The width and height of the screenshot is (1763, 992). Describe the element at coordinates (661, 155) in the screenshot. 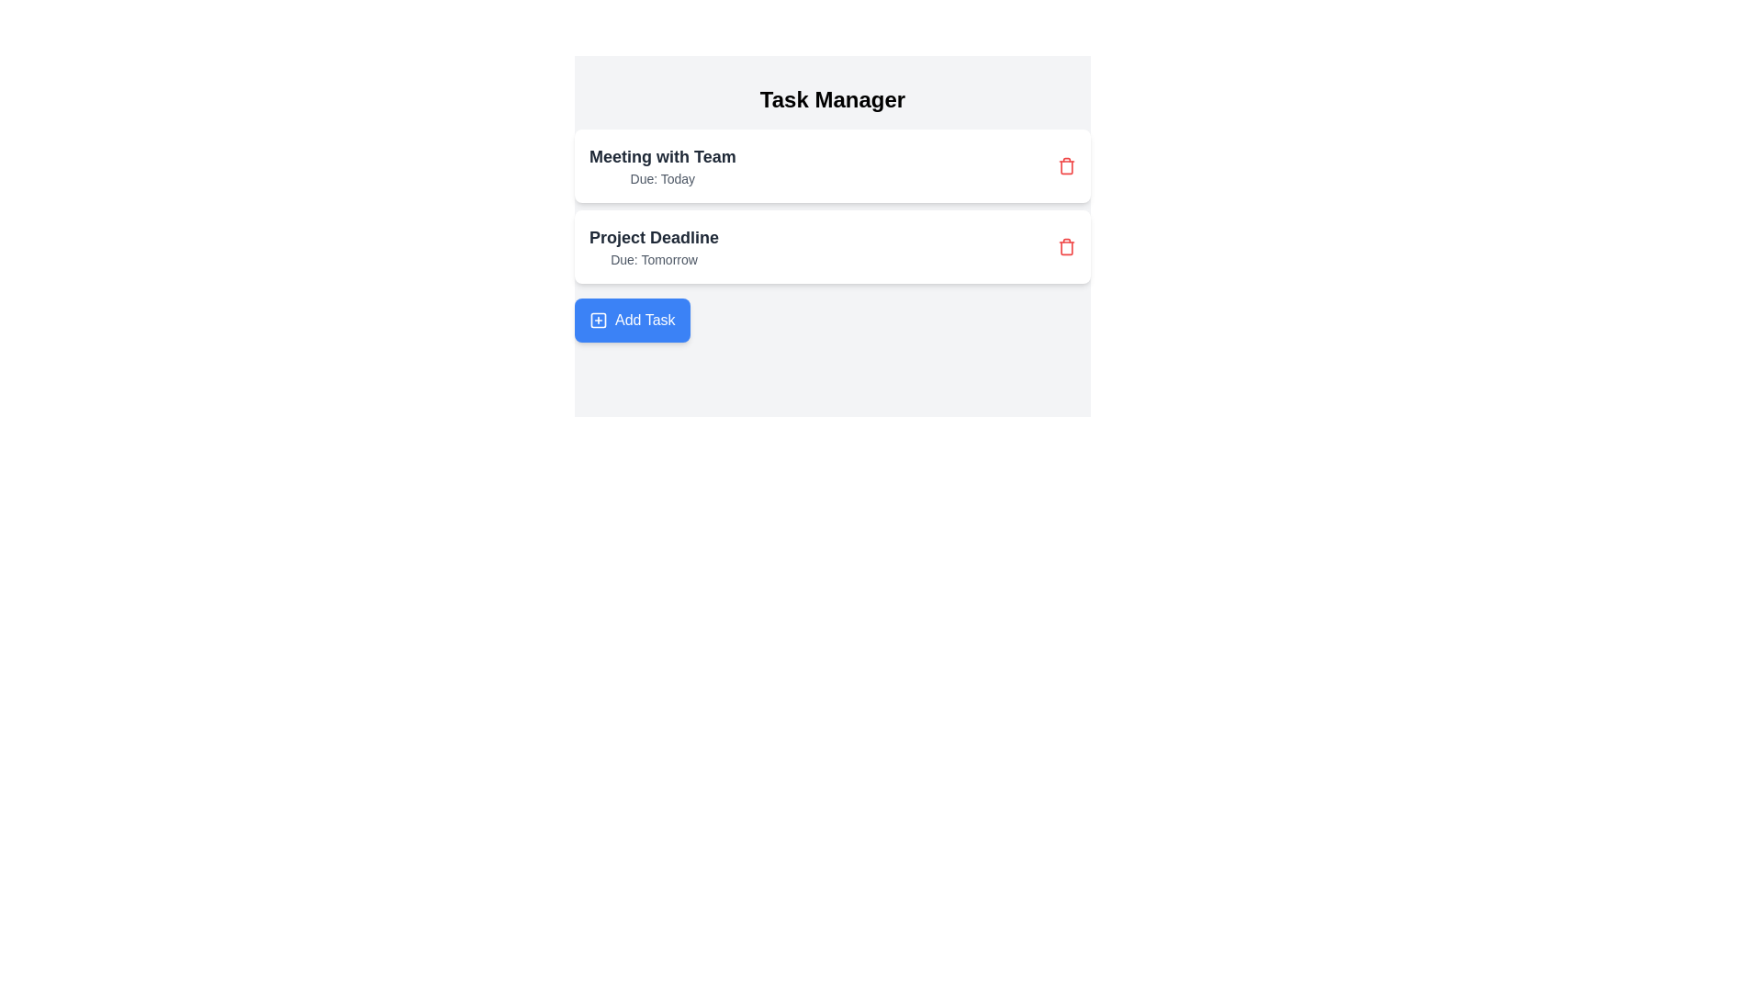

I see `the task title text label located at the top-left corner of the task entry in the task management interface` at that location.